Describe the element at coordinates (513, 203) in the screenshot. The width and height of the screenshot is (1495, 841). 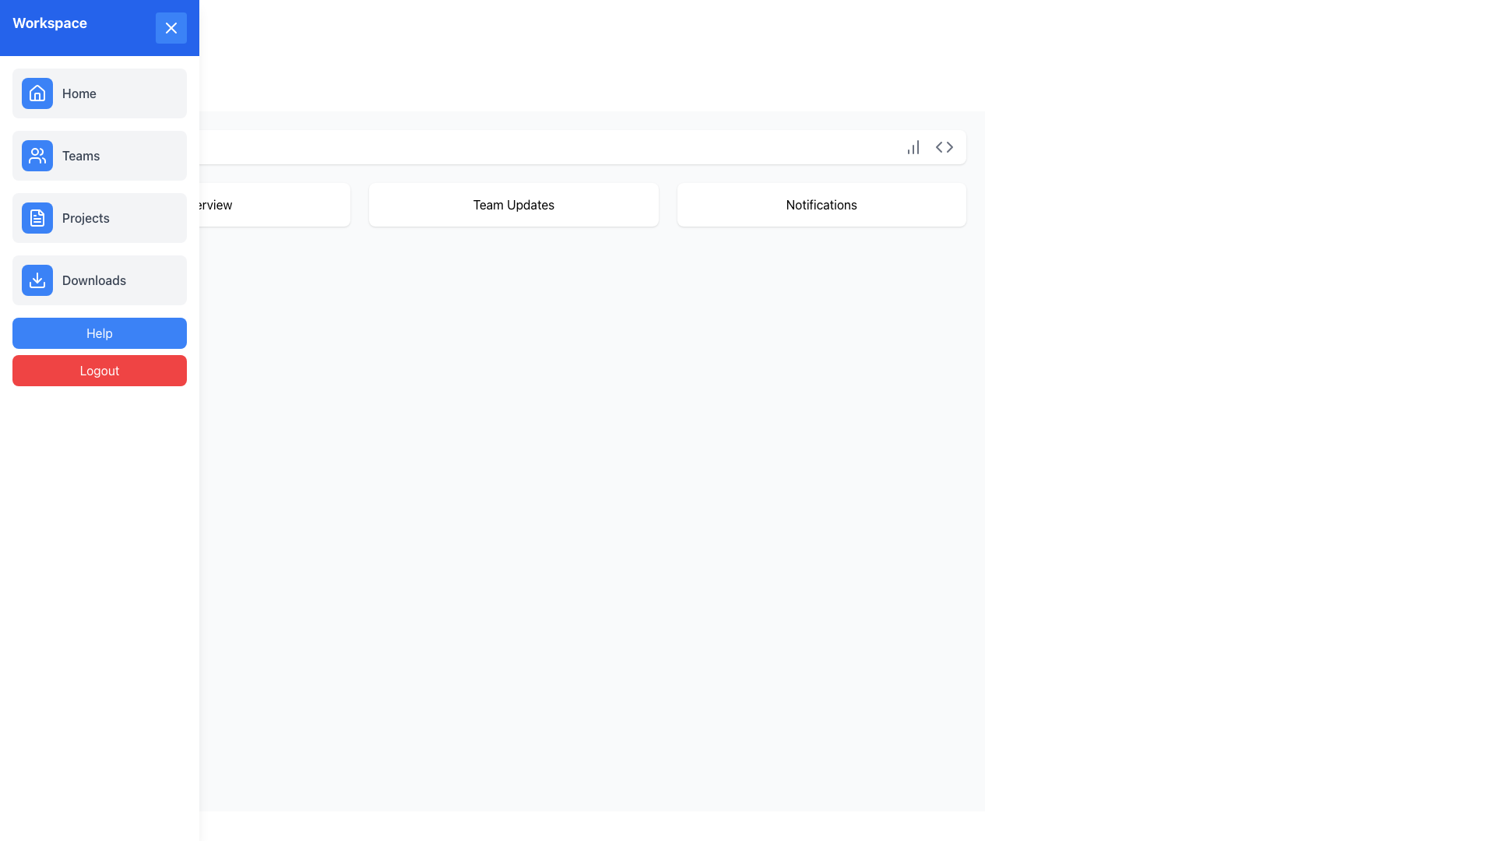
I see `the 'Team Updates' text label, which is a rectangular box with a white background and rounded corners, located between the 'Overview' and 'Notifications' boxes` at that location.